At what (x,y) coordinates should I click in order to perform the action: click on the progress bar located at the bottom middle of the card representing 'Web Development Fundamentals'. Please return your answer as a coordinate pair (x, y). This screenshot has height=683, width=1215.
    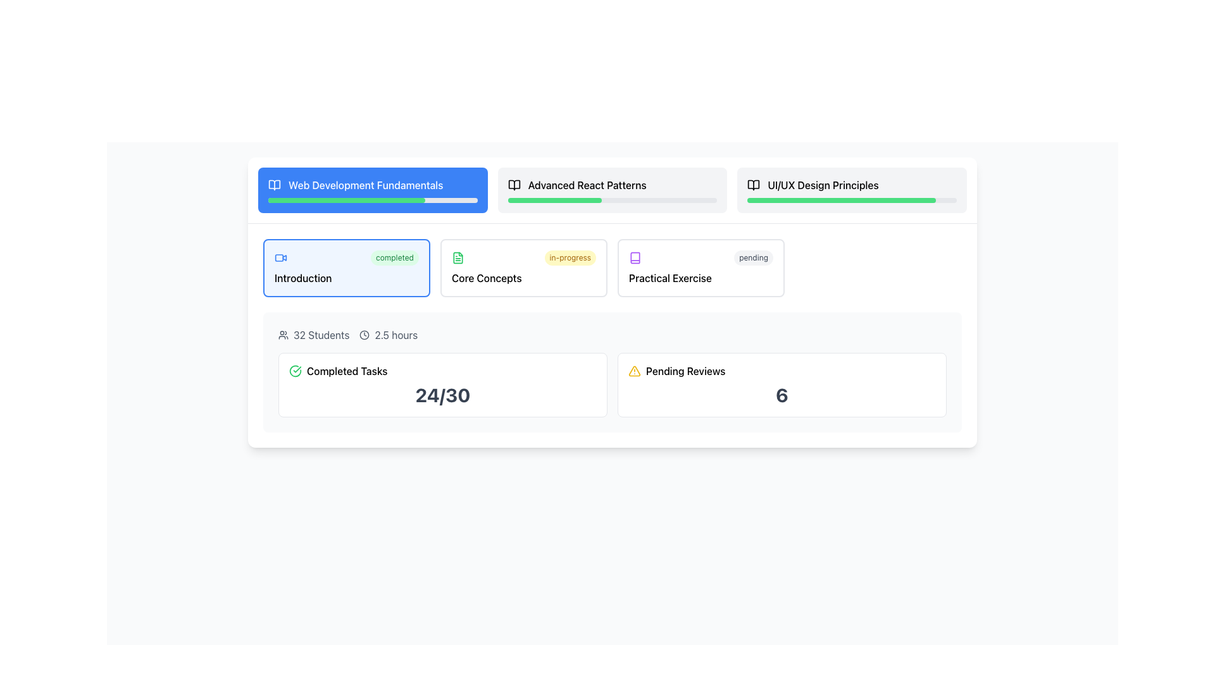
    Looking at the image, I should click on (372, 199).